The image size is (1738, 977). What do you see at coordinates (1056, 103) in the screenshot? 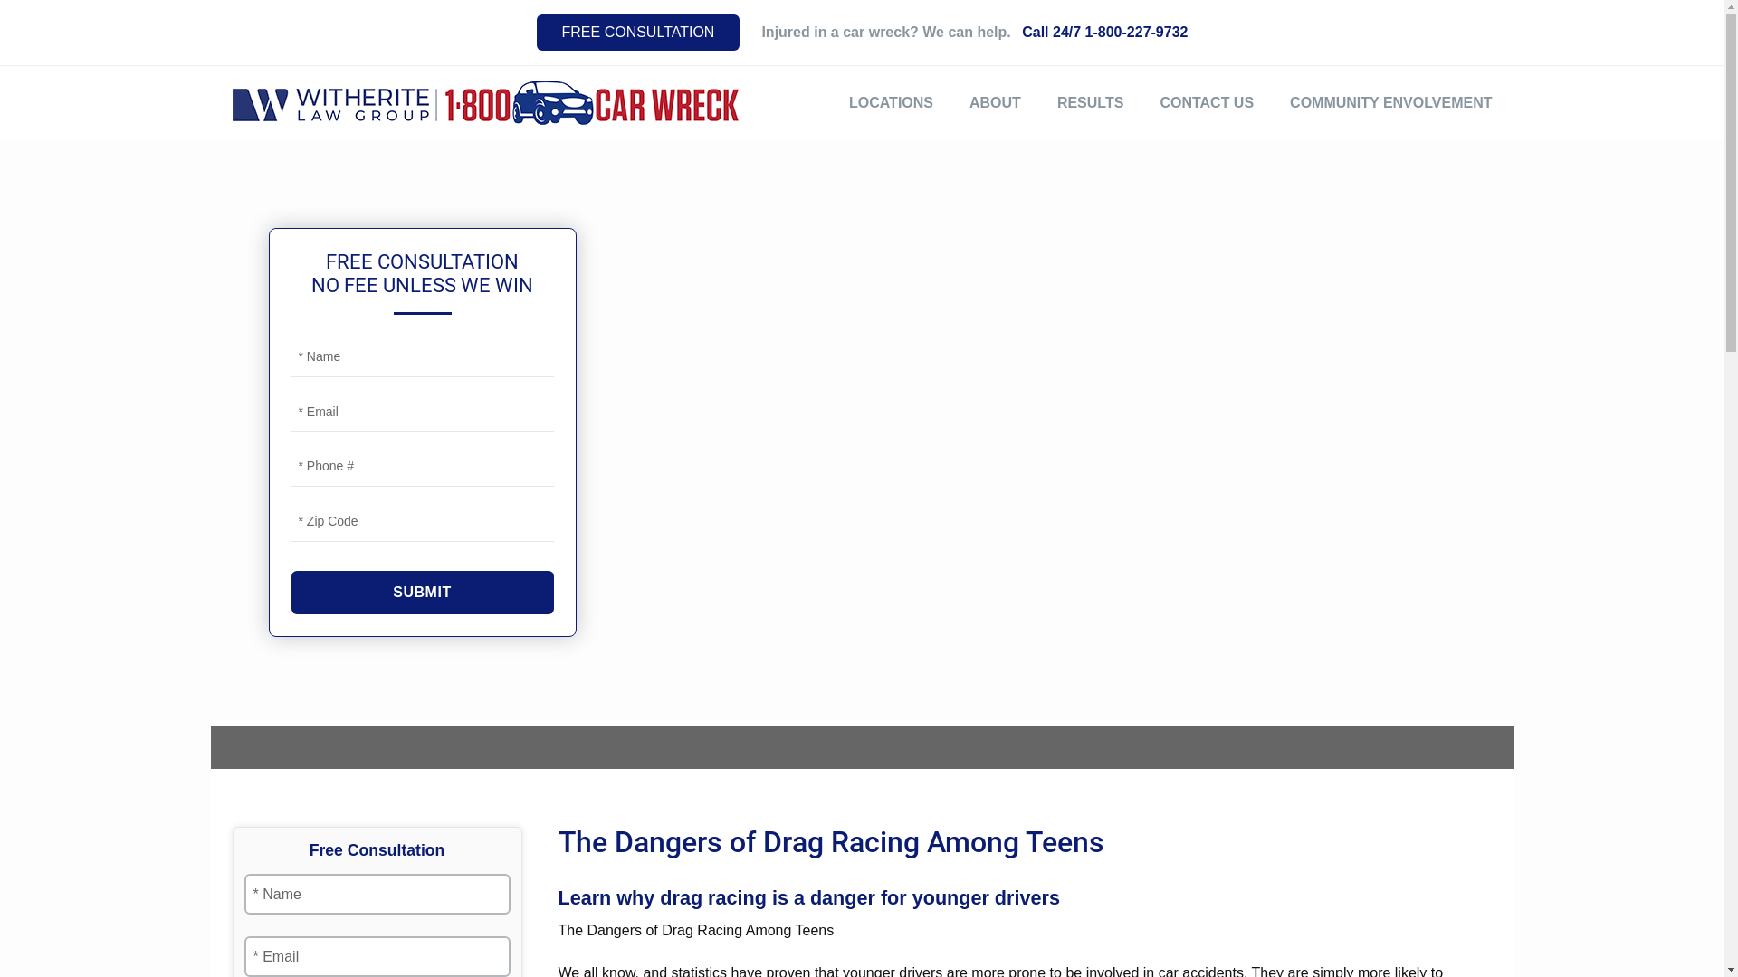
I see `'RESULTS'` at bounding box center [1056, 103].